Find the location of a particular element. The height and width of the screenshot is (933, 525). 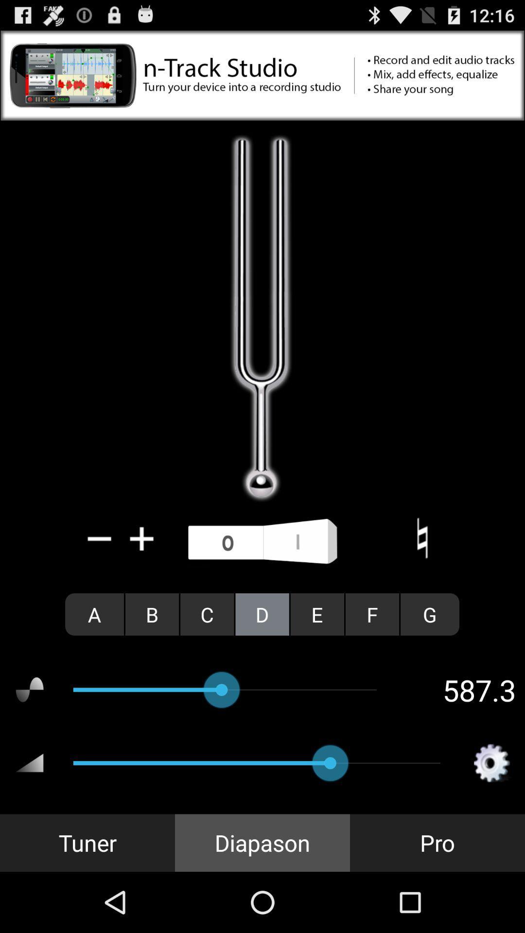

the add icon is located at coordinates (142, 576).